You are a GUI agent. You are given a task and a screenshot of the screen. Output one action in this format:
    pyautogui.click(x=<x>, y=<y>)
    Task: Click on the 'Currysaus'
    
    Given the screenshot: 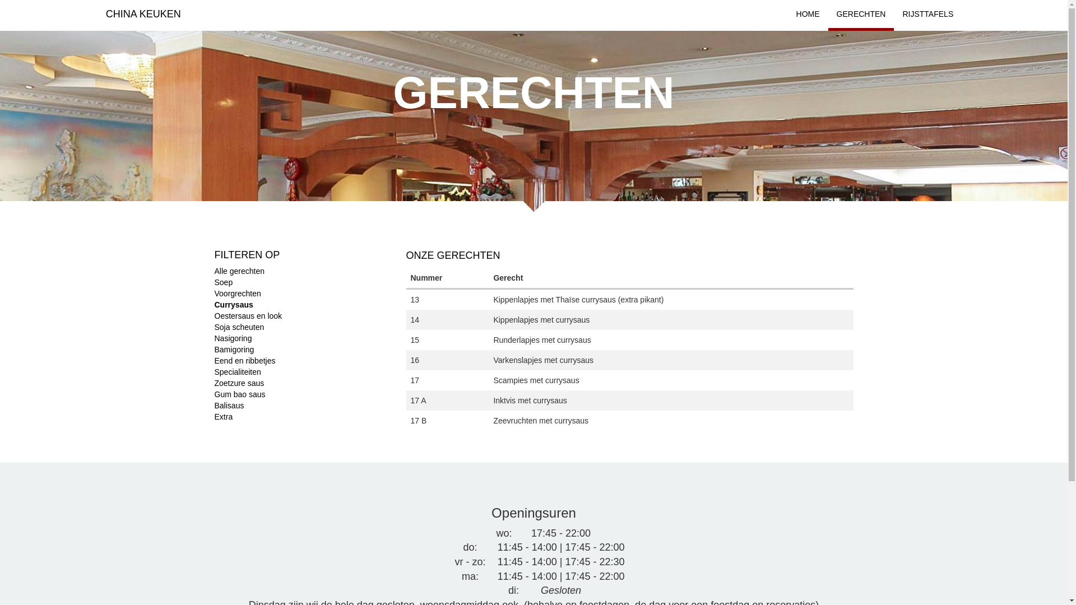 What is the action you would take?
    pyautogui.click(x=233, y=304)
    